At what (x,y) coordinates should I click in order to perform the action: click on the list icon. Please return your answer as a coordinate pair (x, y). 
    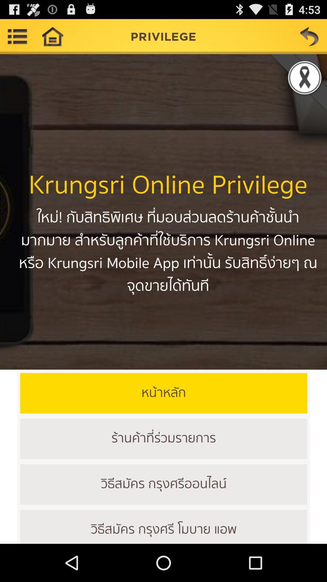
    Looking at the image, I should click on (17, 39).